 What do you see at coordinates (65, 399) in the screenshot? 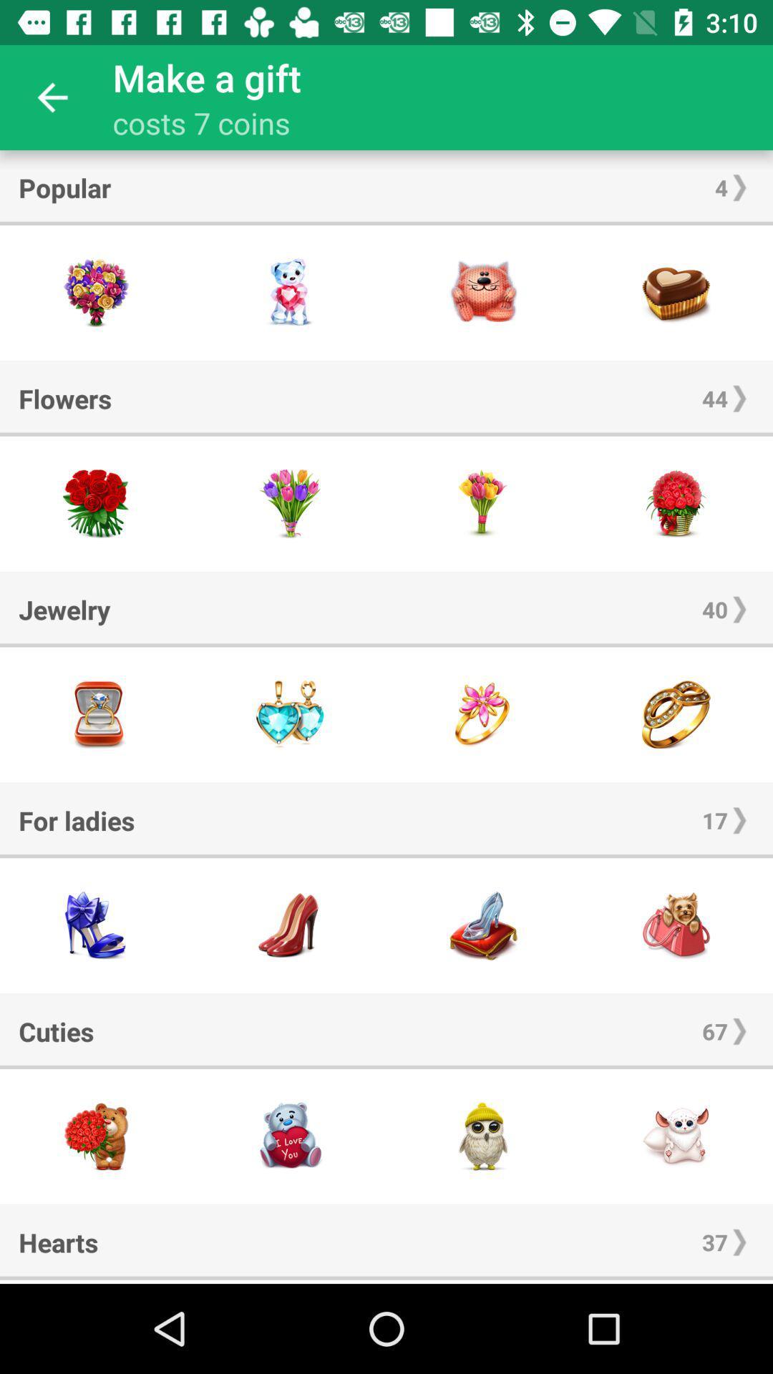
I see `the icon next to 44 icon` at bounding box center [65, 399].